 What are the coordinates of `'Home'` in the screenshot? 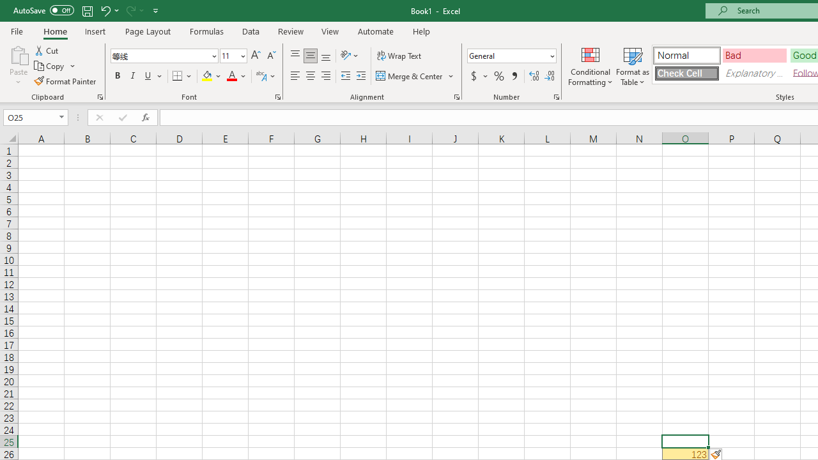 It's located at (54, 31).